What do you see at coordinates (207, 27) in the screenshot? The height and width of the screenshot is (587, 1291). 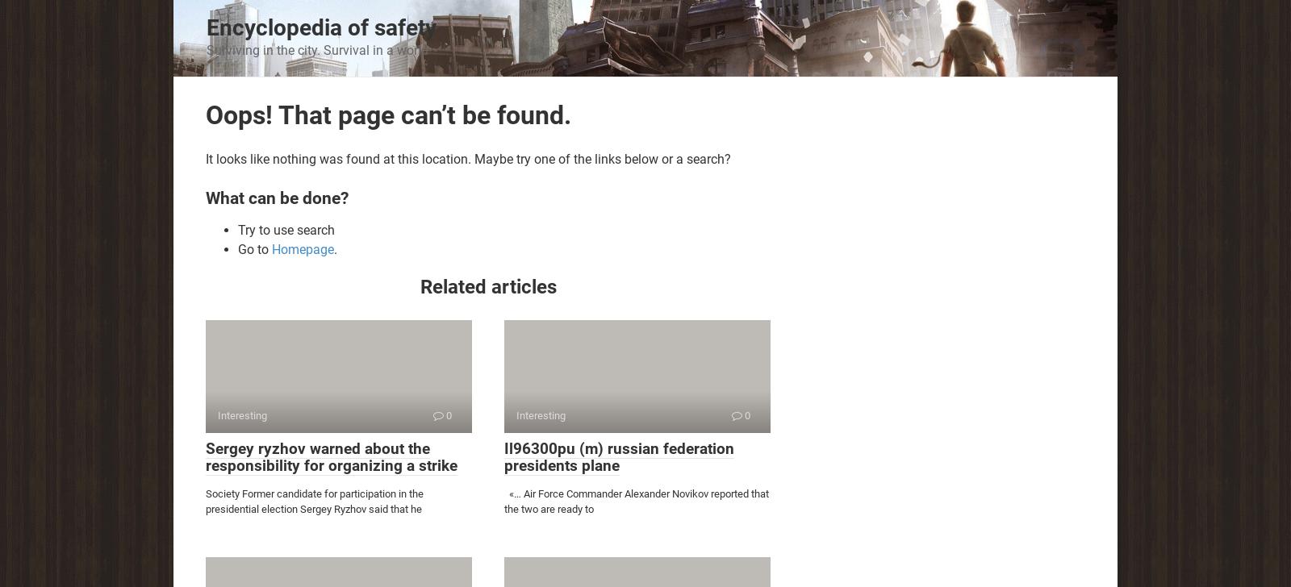 I see `'Encyclopedia of safety'` at bounding box center [207, 27].